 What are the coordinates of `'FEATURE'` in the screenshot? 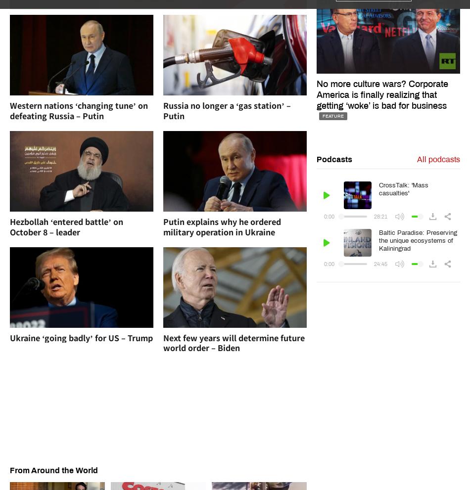 It's located at (332, 116).